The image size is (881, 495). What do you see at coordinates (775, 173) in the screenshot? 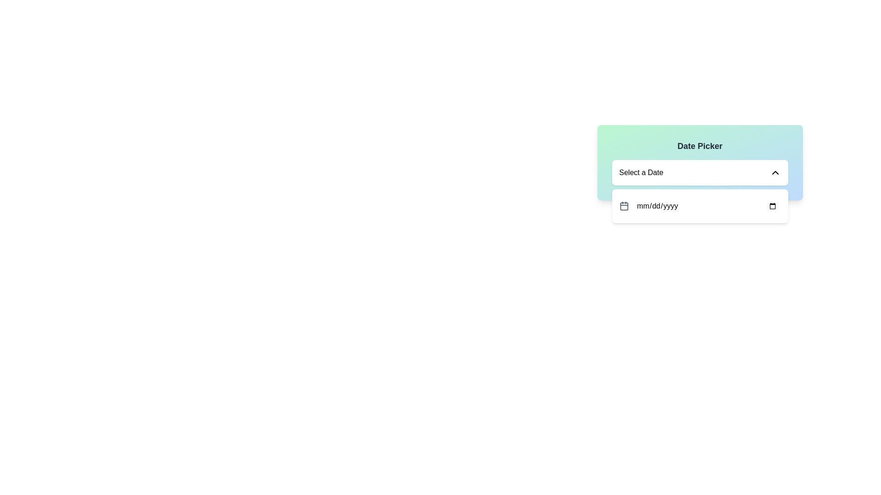
I see `the icon that toggles the dropdown menu in the date picker interface, located at the right end of the section labeled 'Select a Date'` at bounding box center [775, 173].